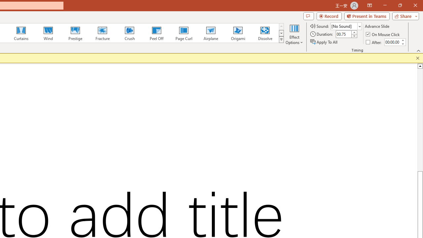 Image resolution: width=423 pixels, height=238 pixels. I want to click on 'Apply To All', so click(324, 42).